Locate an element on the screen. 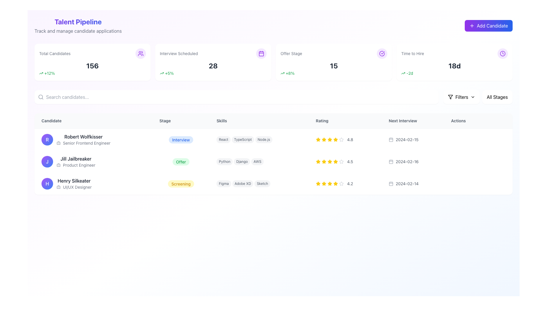 Image resolution: width=557 pixels, height=313 pixels. the static text label that reads 'Total Candidates', which is styled with a light gray font and located in the top-left section of a card-like widget is located at coordinates (55, 54).